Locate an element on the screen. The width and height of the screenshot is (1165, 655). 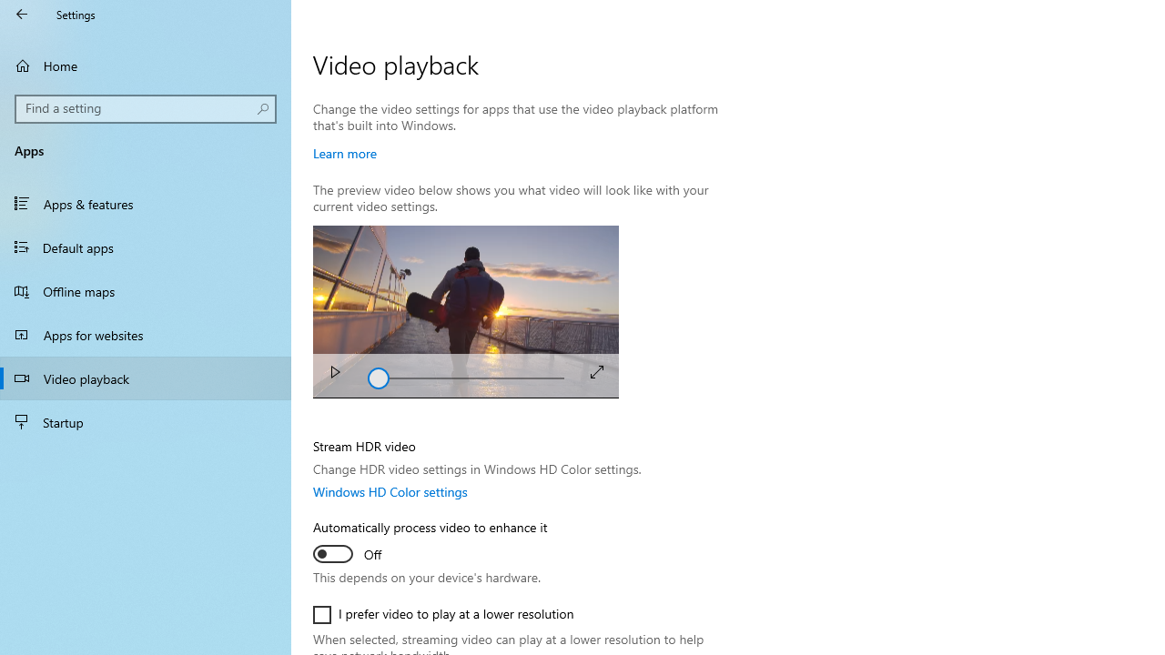
'Windows HD Color settings' is located at coordinates (390, 491).